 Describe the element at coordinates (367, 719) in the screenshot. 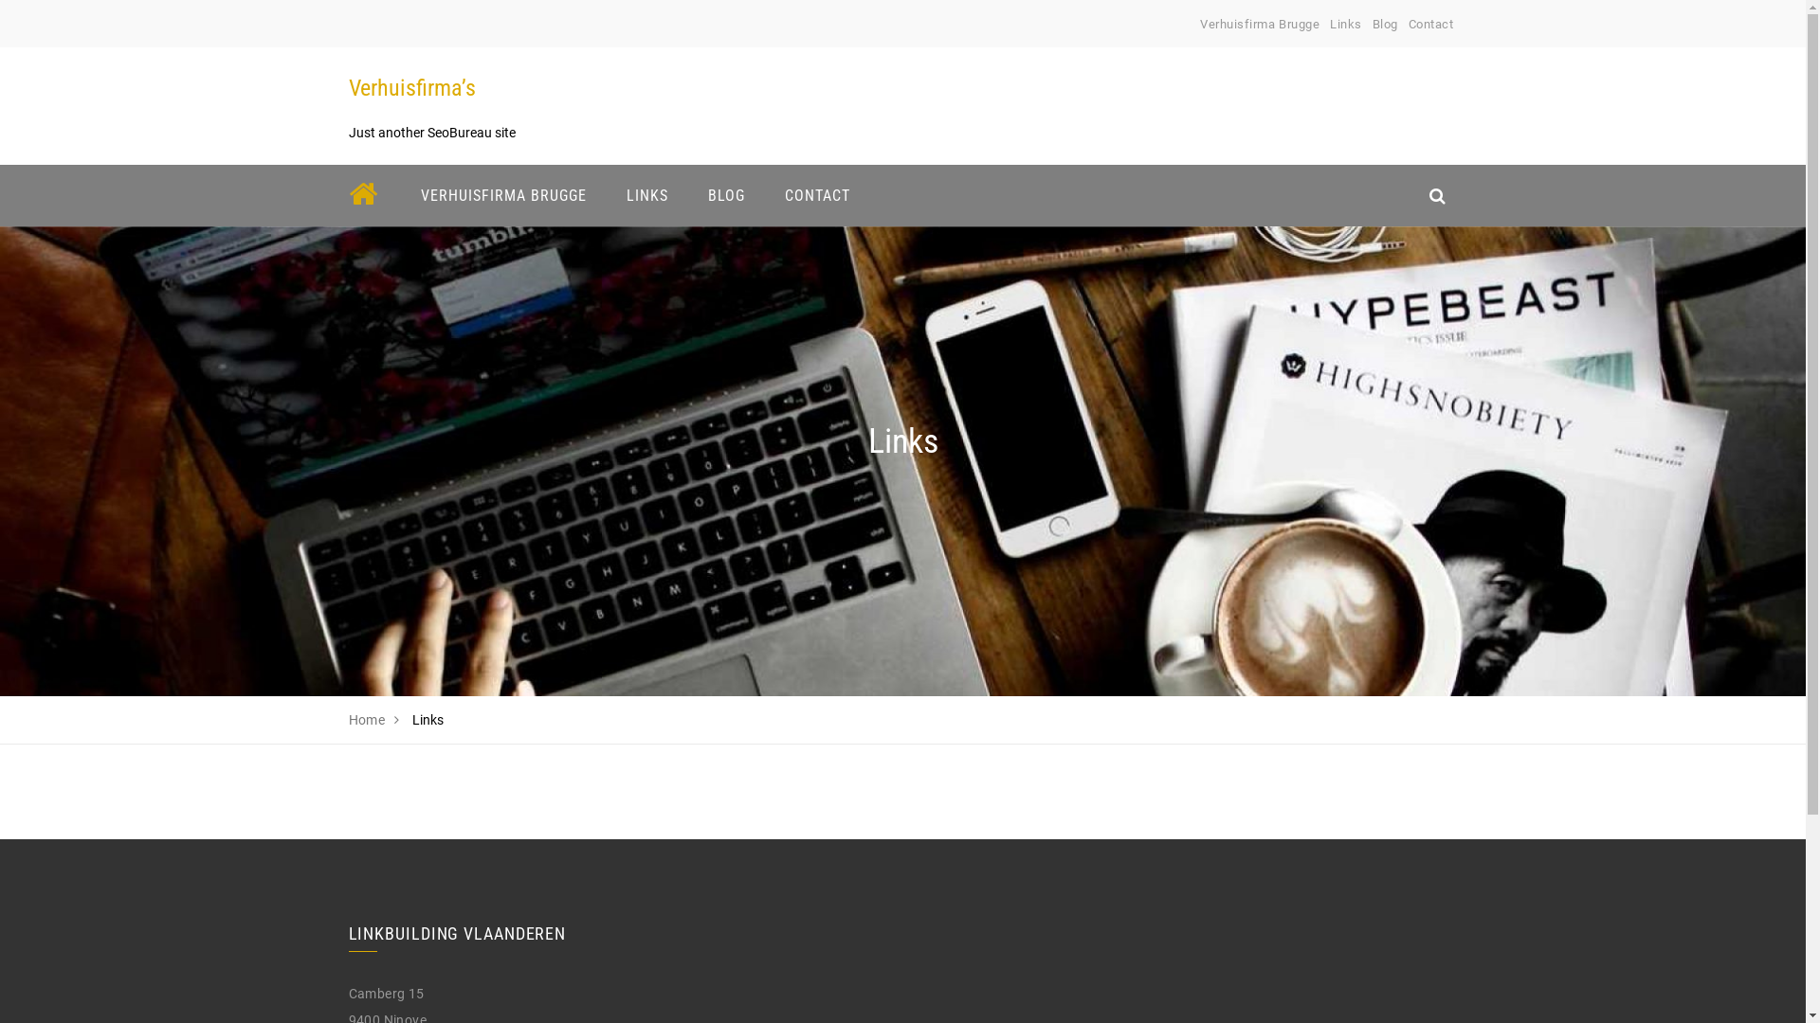

I see `'Home'` at that location.